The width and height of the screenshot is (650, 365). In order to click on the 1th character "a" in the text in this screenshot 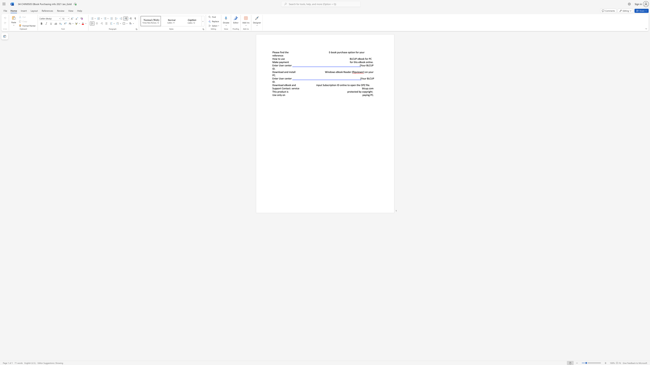, I will do `click(276, 52)`.